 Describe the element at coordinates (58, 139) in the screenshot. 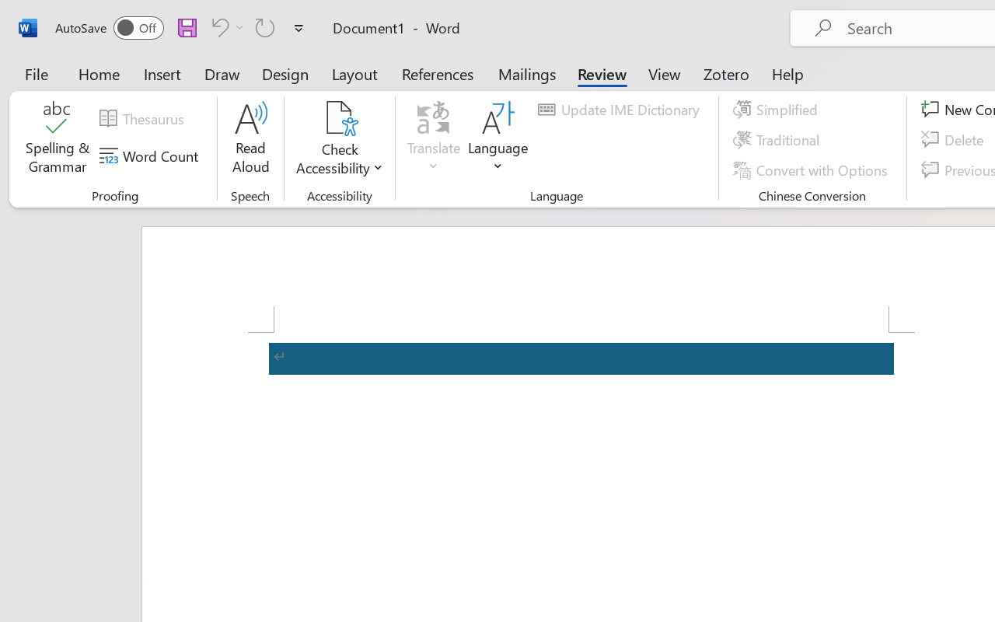

I see `'Spelling & Grammar'` at that location.